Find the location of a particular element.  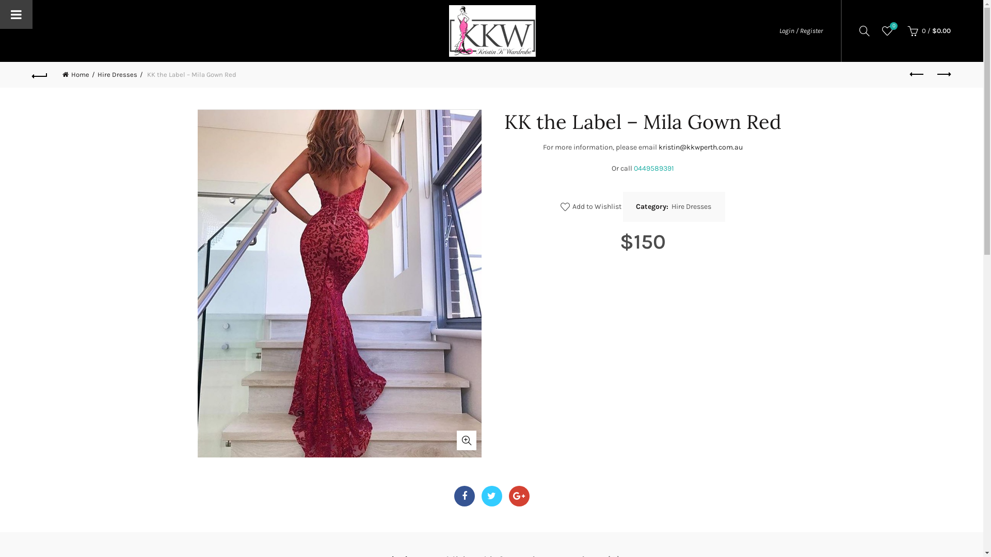

'0449589391' is located at coordinates (633, 168).